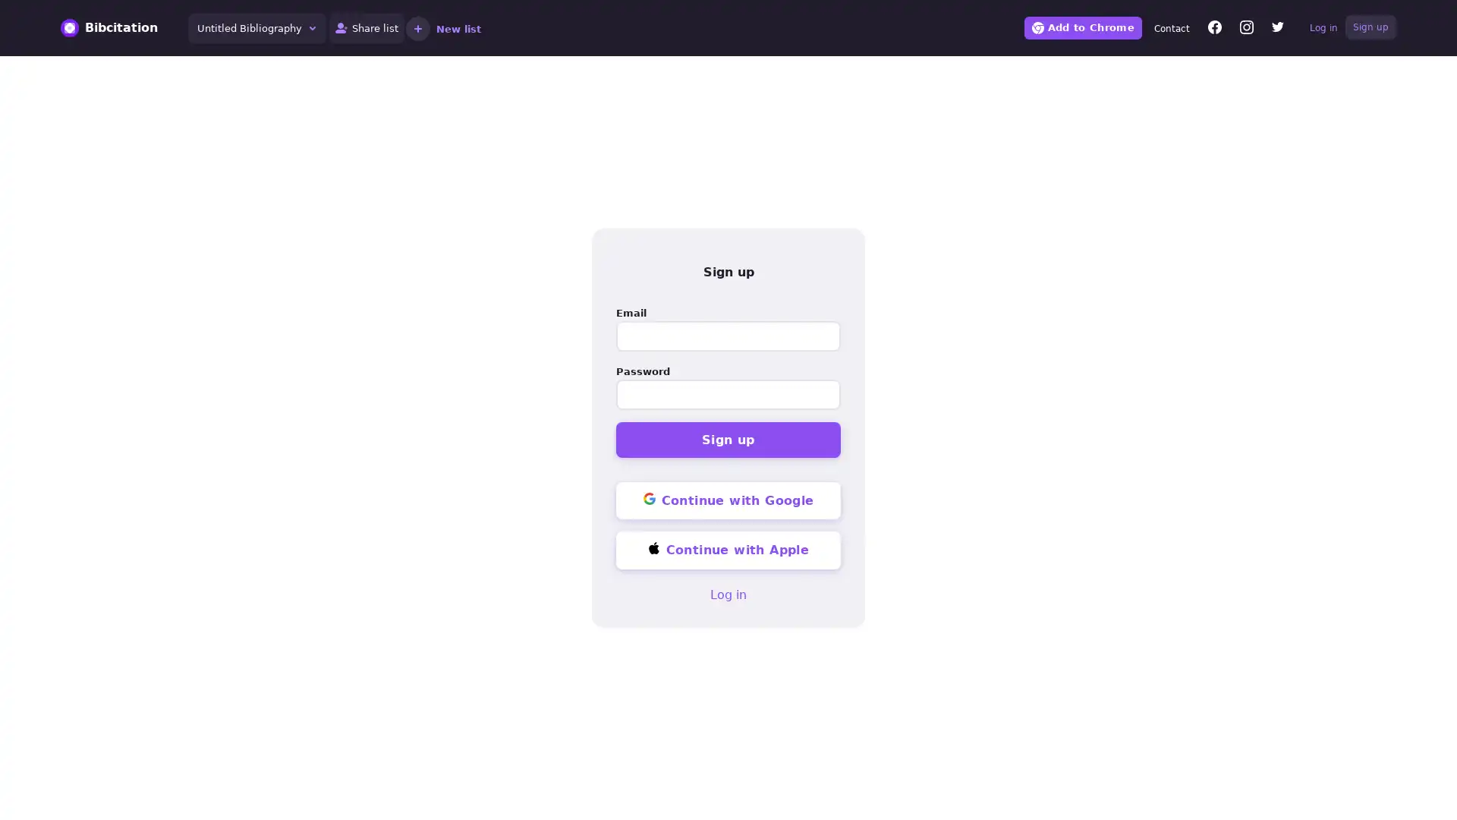 The width and height of the screenshot is (1457, 820). Describe the element at coordinates (1277, 29) in the screenshot. I see `Visit our Twitter` at that location.